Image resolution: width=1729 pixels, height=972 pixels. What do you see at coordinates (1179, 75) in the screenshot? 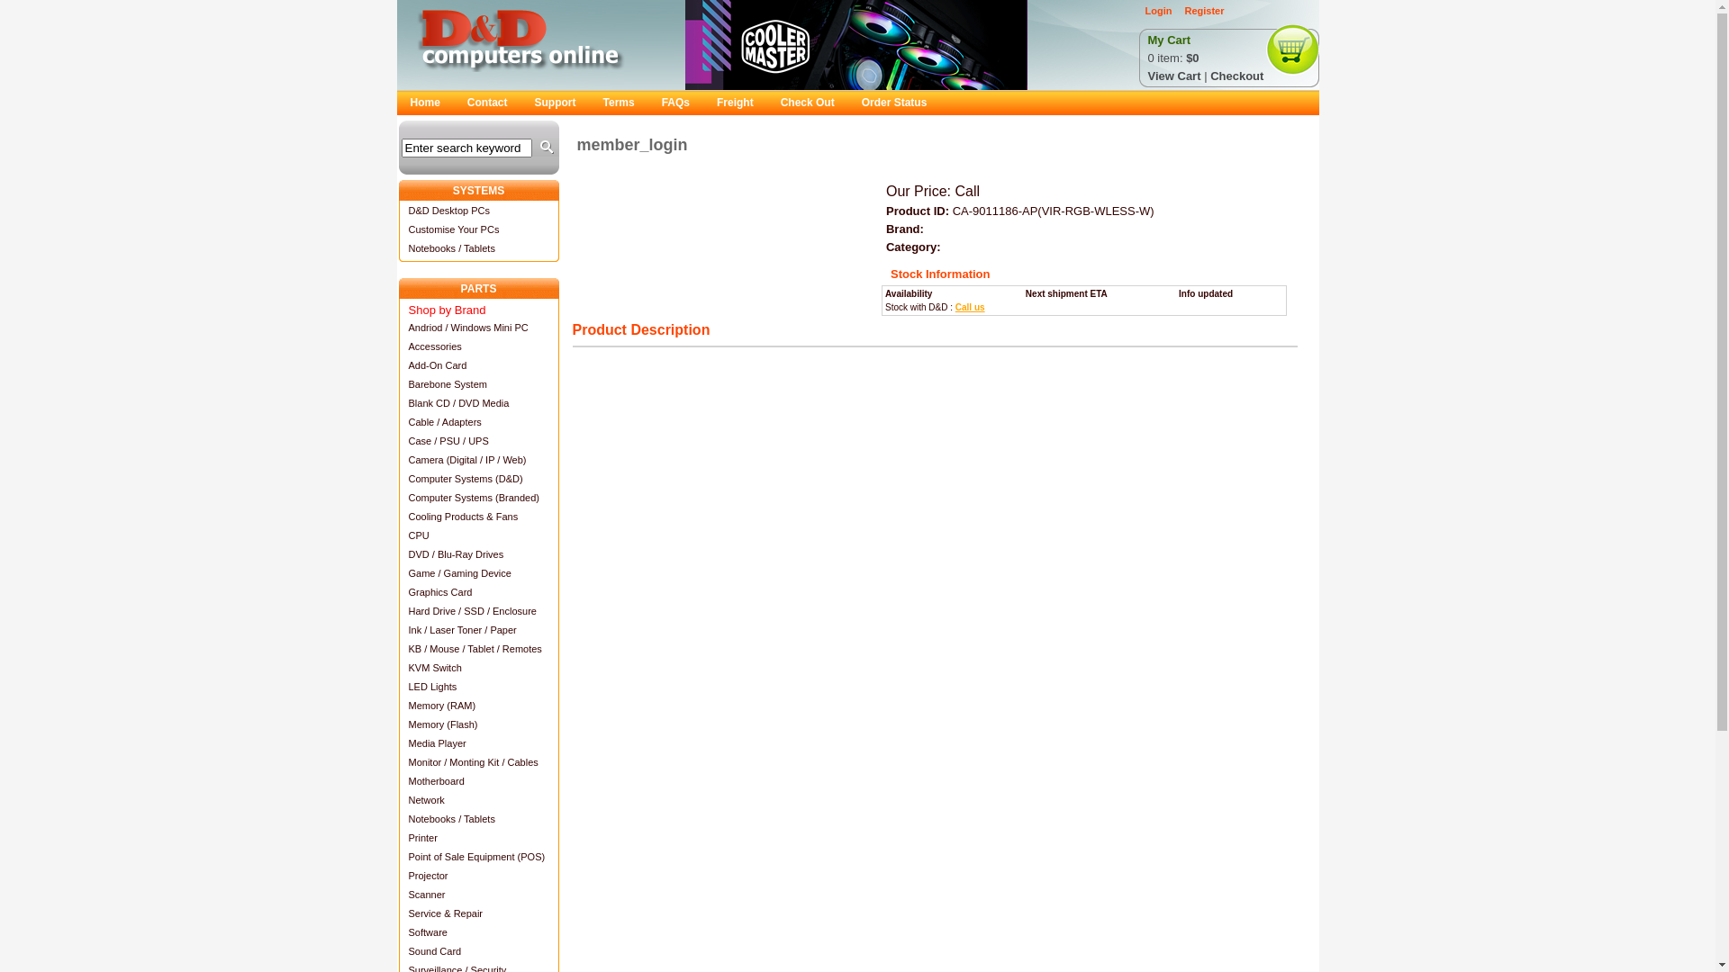
I see `'View Cart |'` at bounding box center [1179, 75].